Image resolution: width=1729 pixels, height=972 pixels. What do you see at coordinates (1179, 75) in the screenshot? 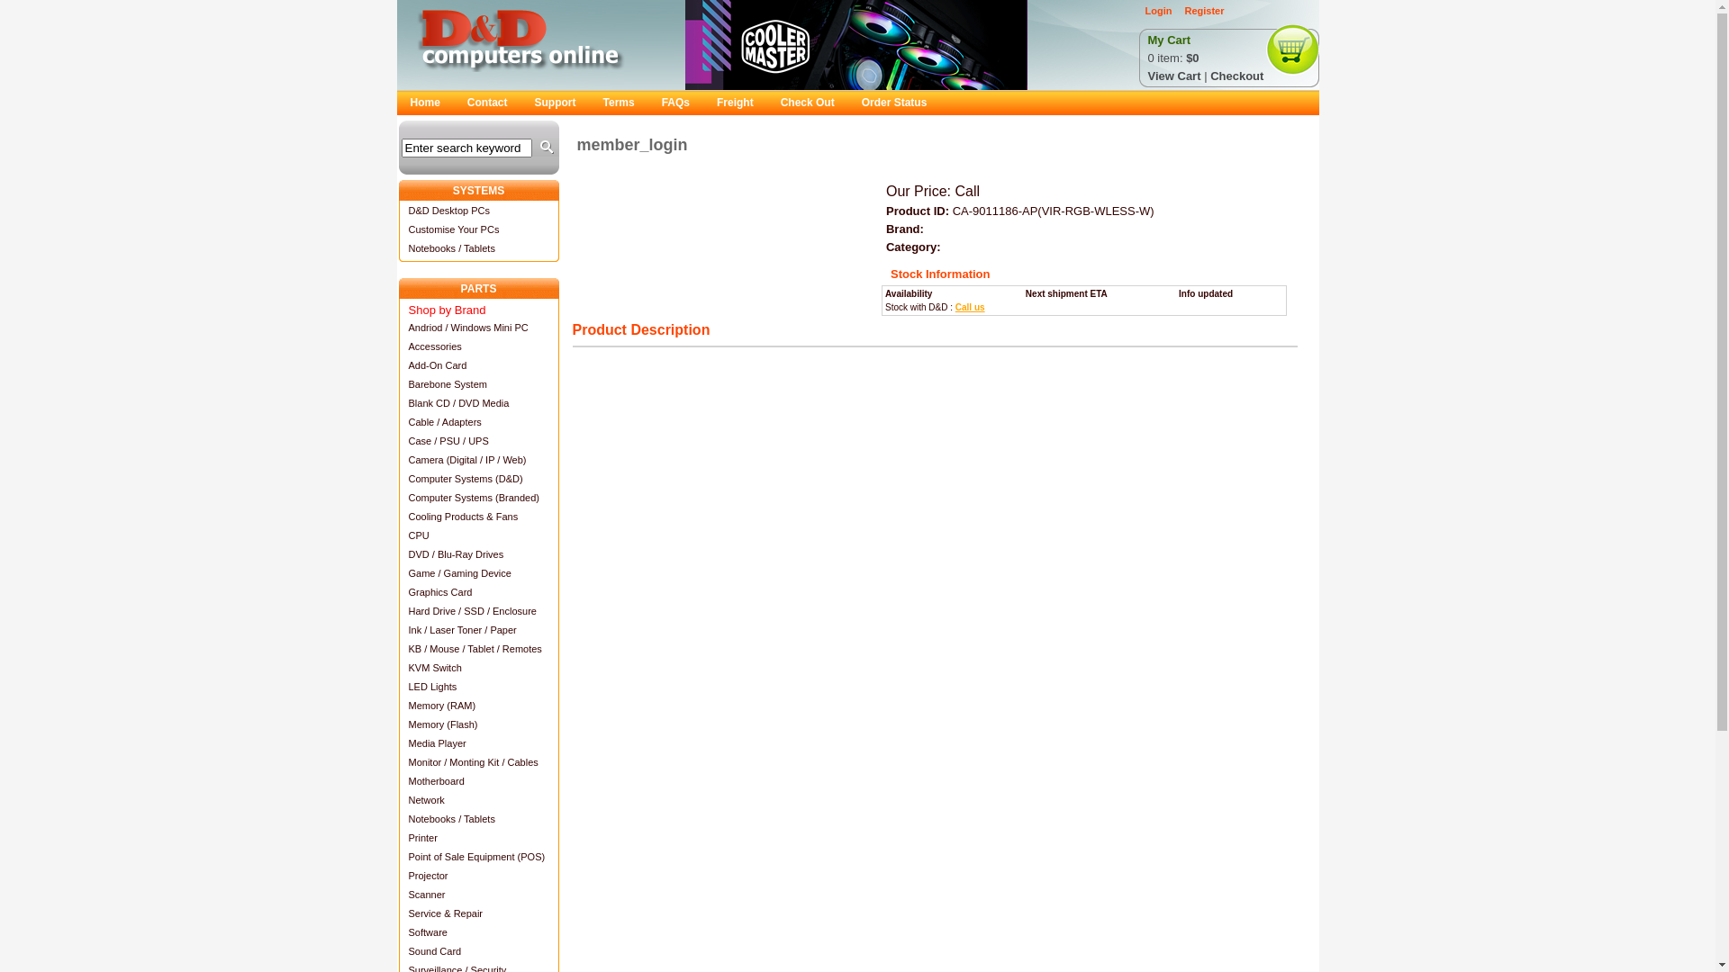
I see `'View Cart |'` at bounding box center [1179, 75].